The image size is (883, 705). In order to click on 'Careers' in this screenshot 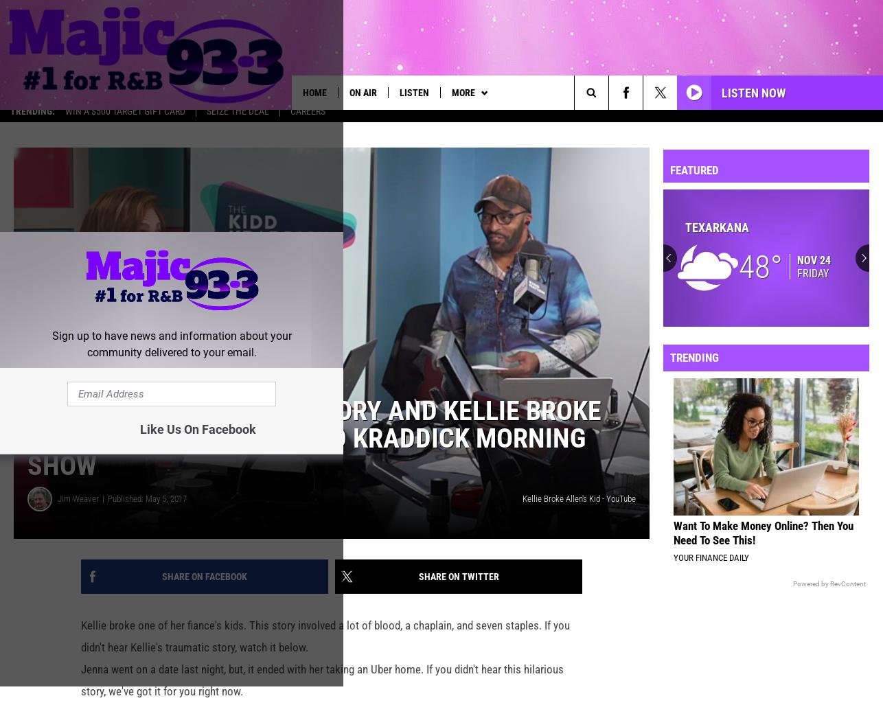, I will do `click(307, 120)`.